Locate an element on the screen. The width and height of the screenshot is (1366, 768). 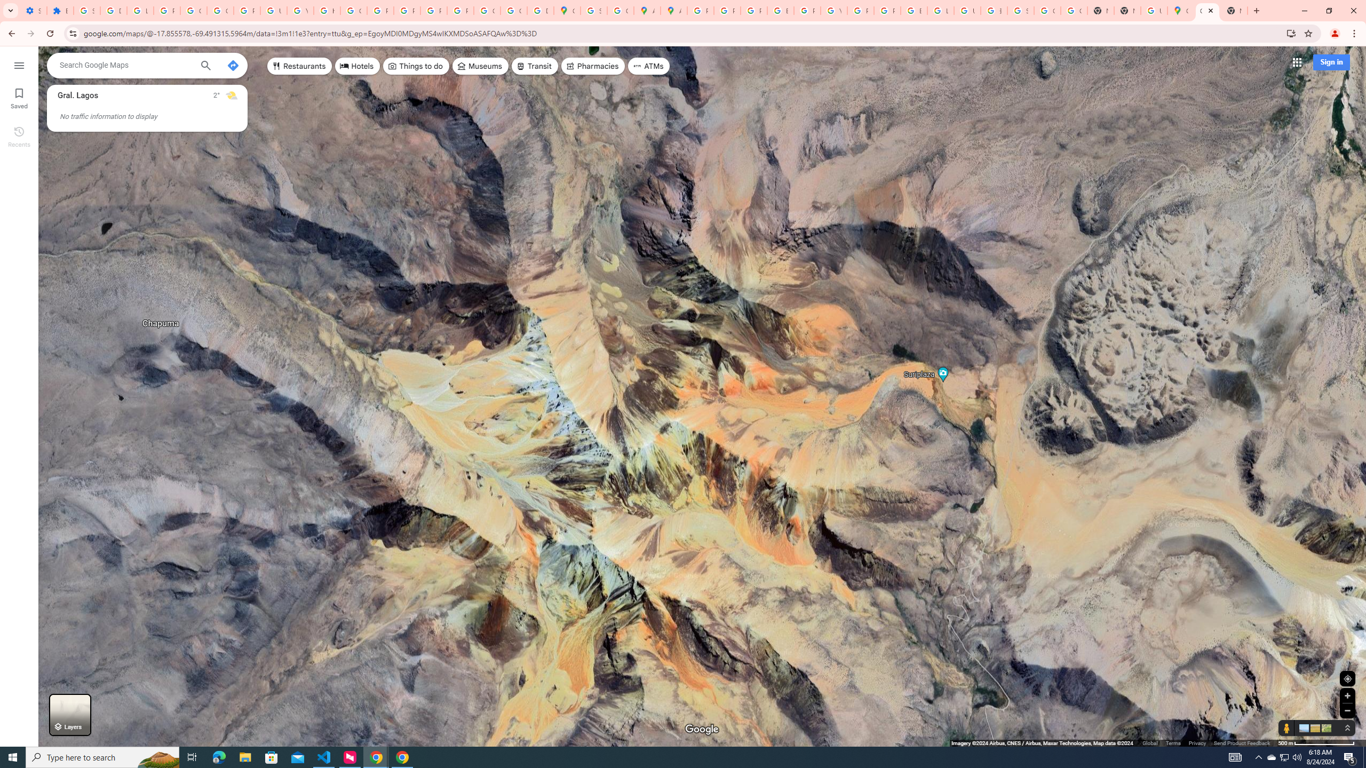
'Privacy Help Center - Policies Help' is located at coordinates (754, 10).